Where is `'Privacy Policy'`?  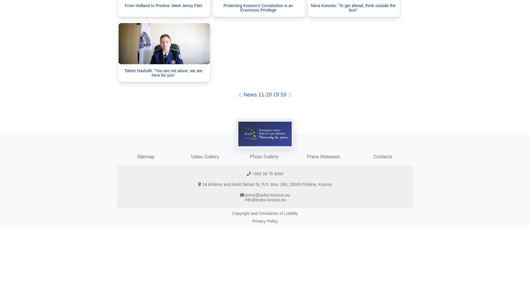 'Privacy Policy' is located at coordinates (264, 221).